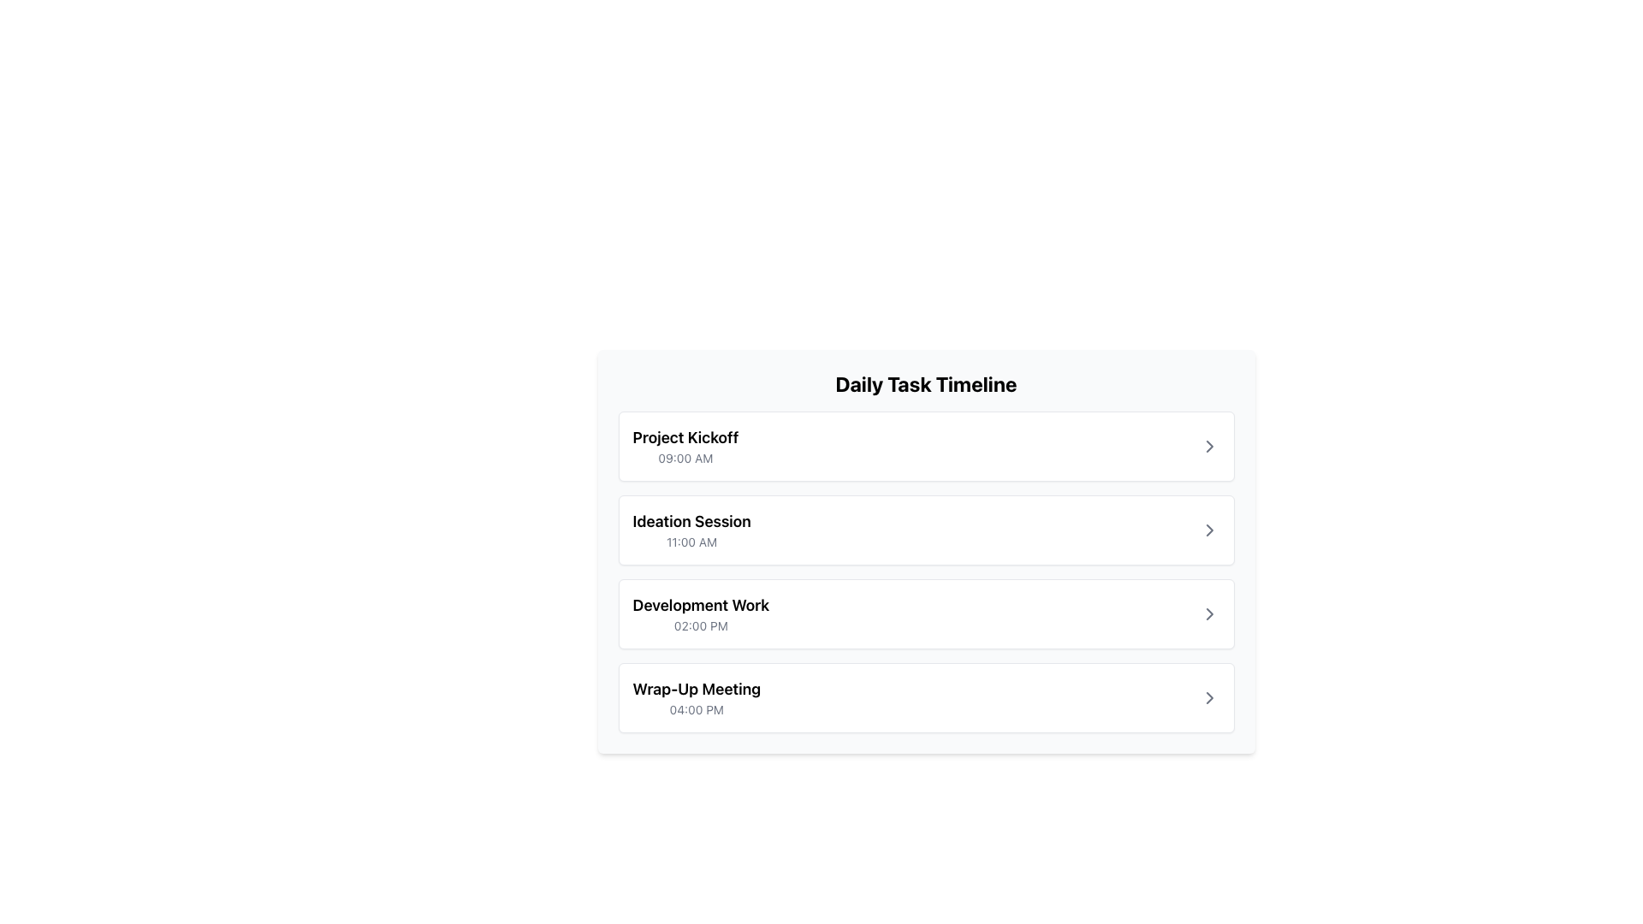 The width and height of the screenshot is (1643, 924). Describe the element at coordinates (685, 437) in the screenshot. I see `text label displaying 'Project Kickoff' located at the top of the first event block in the 'Daily Task Timeline'` at that location.